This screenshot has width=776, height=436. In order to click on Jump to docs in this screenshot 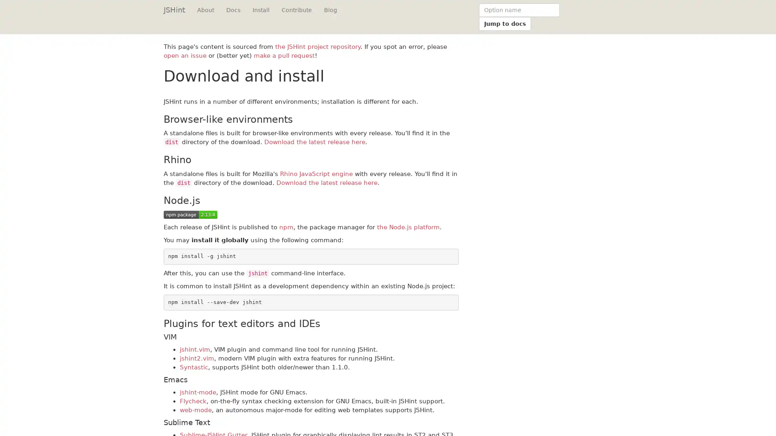, I will do `click(504, 23)`.